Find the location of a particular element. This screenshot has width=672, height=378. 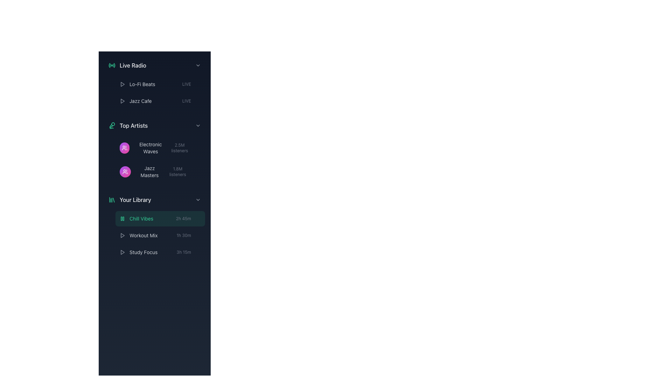

the list item button labeled 'Workout Mix' located is located at coordinates (154, 235).